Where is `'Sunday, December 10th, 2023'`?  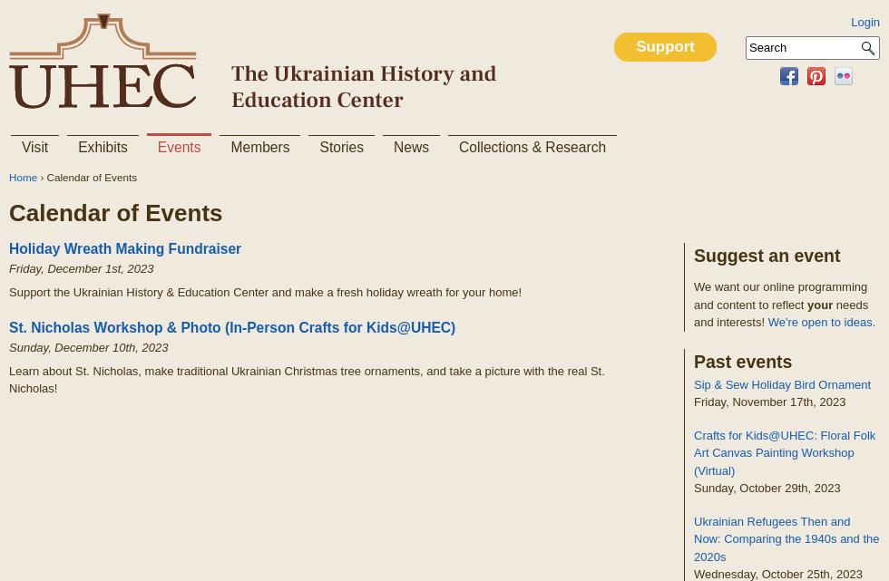 'Sunday, December 10th, 2023' is located at coordinates (88, 346).